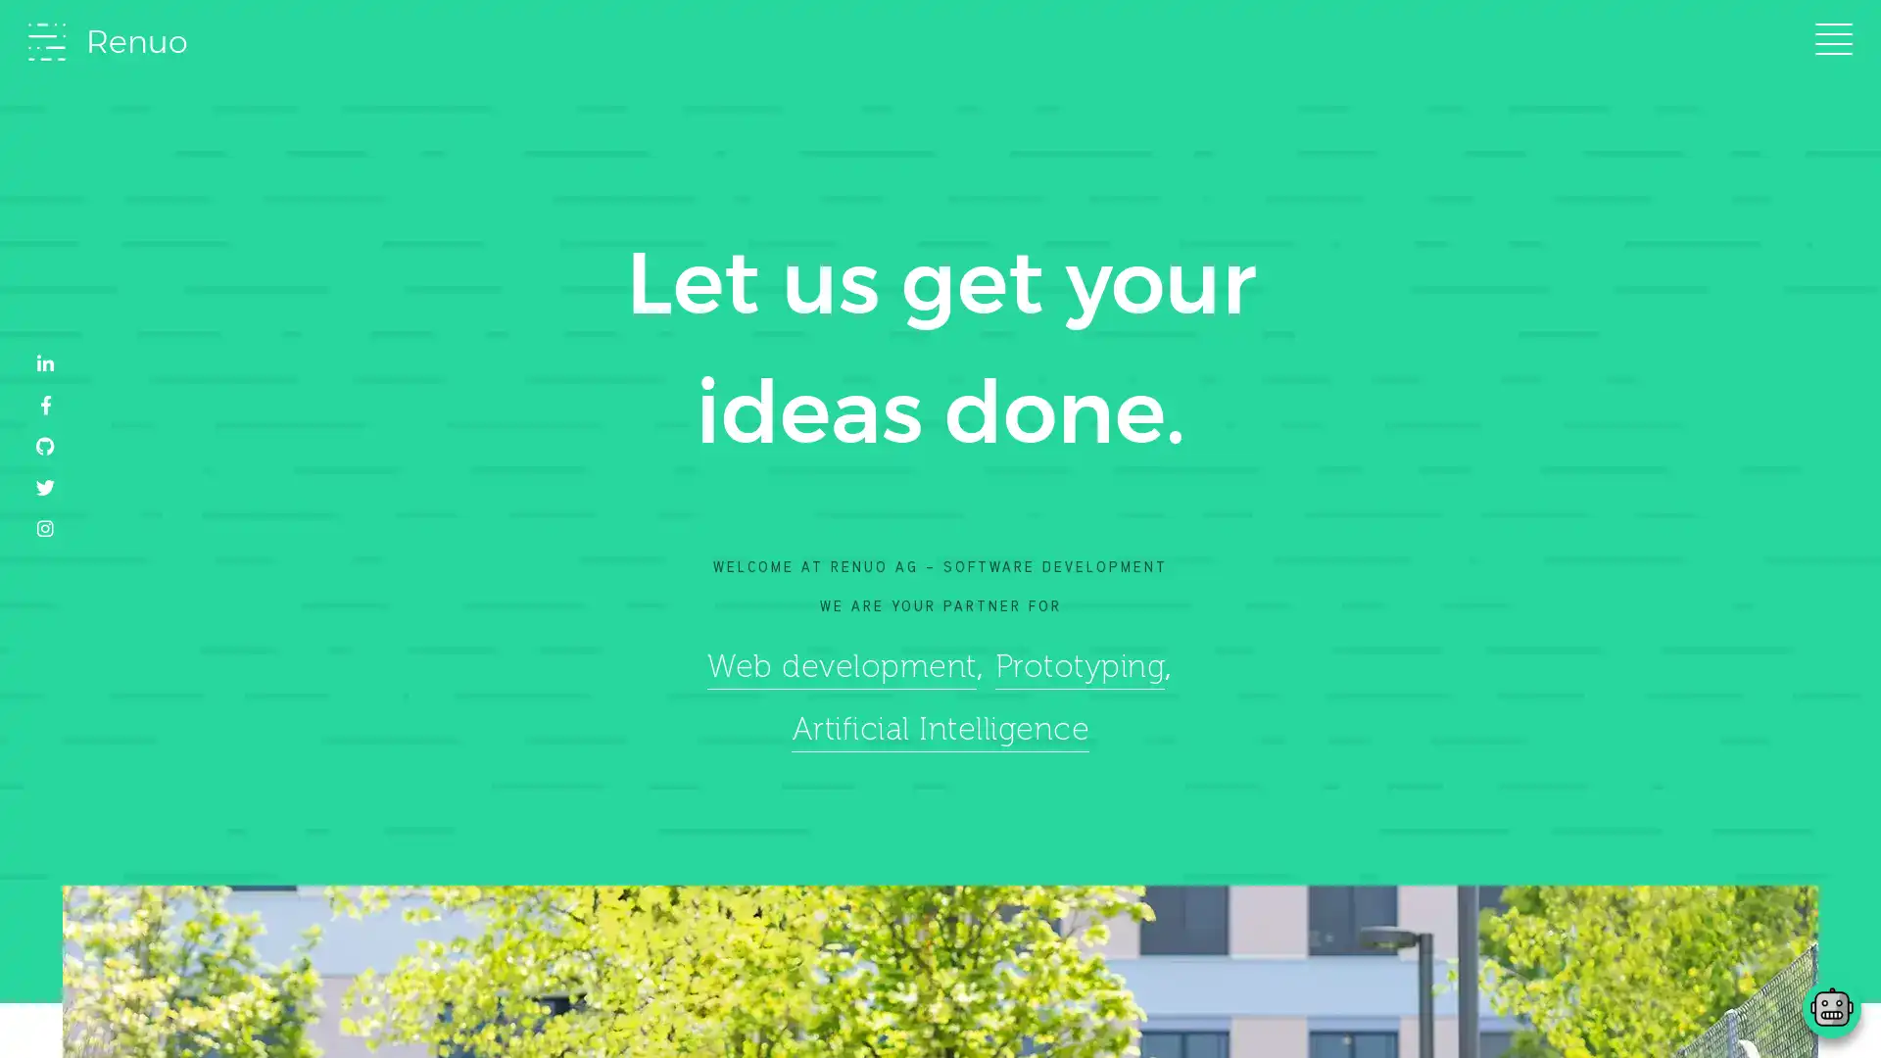 This screenshot has width=1881, height=1058. What do you see at coordinates (1833, 38) in the screenshot?
I see `Toggle navigation` at bounding box center [1833, 38].